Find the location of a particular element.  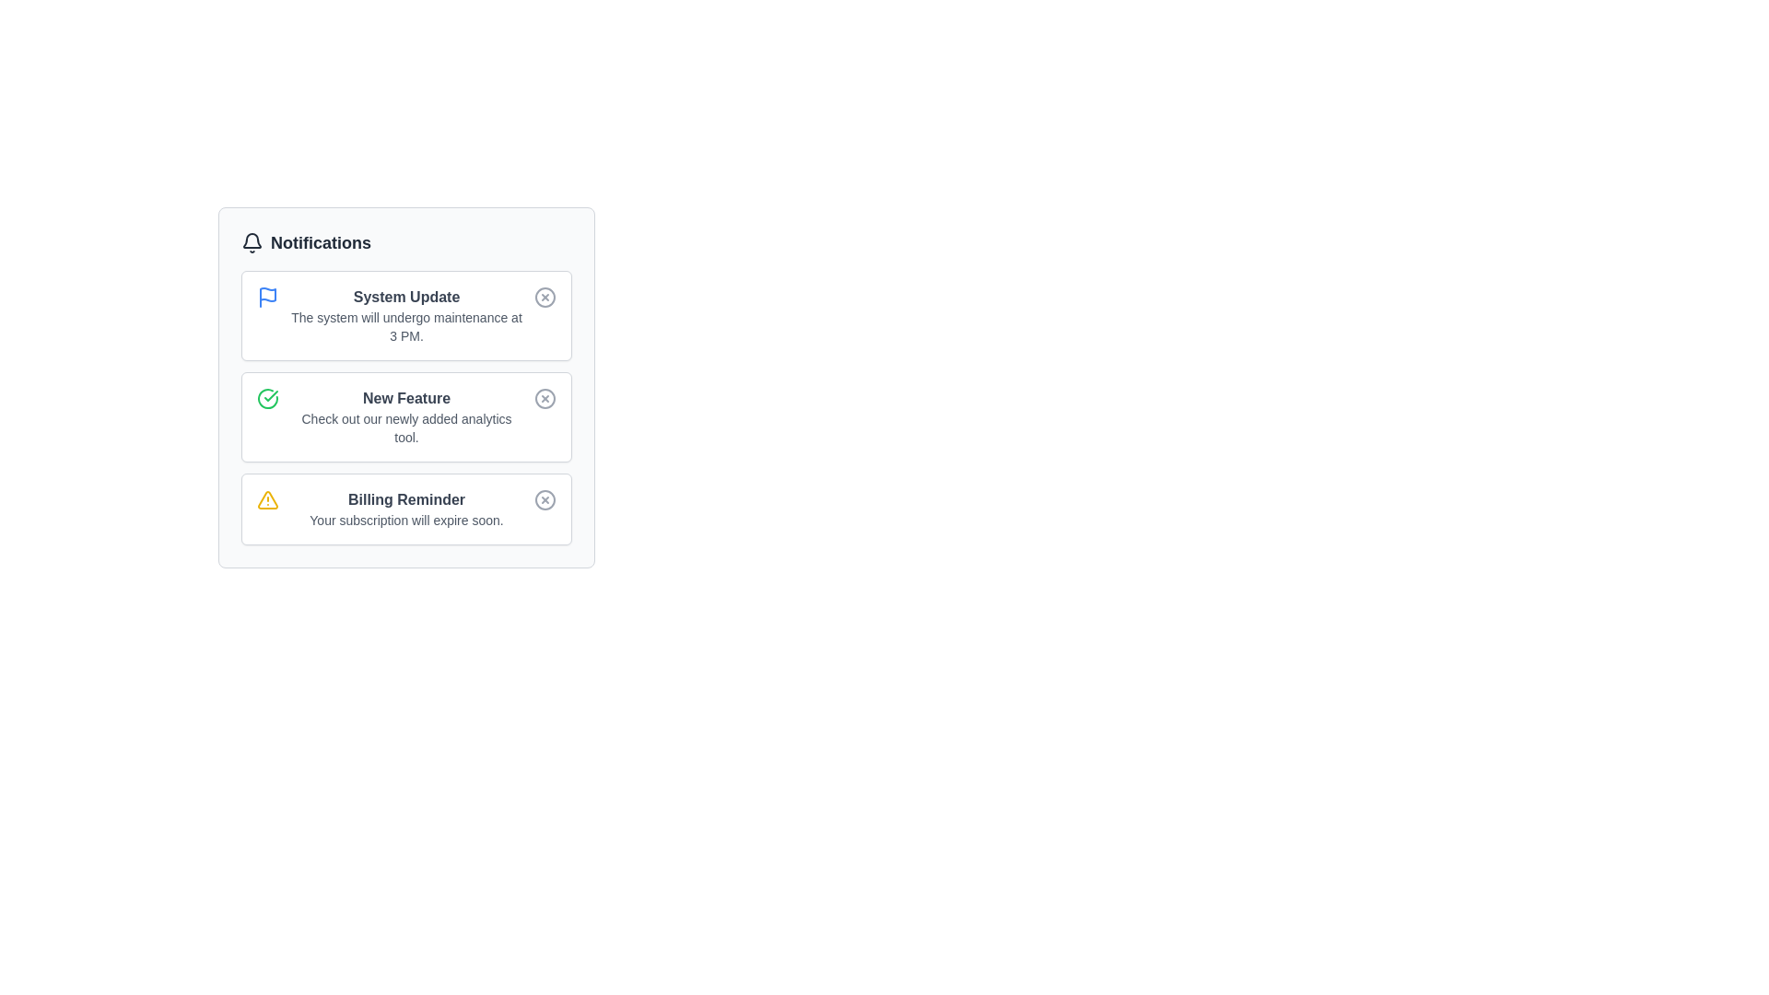

the small circular button with an 'X' mark, located in the top right corner of the 'System Update' notification box, to change its appearance is located at coordinates (544, 297).